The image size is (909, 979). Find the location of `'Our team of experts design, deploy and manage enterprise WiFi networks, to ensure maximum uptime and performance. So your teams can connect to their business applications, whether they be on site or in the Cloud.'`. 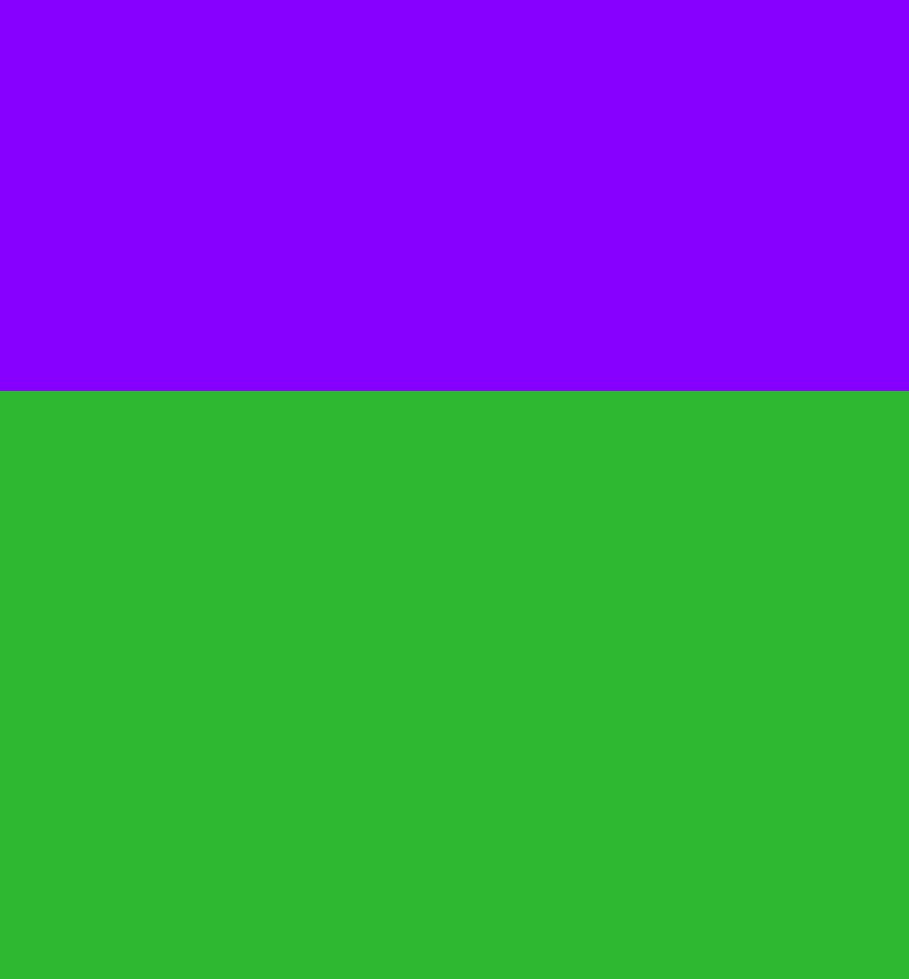

'Our team of experts design, deploy and manage enterprise WiFi networks, to ensure maximum uptime and performance. So your teams can connect to their business applications, whether they be on site or in the Cloud.' is located at coordinates (34, 67).